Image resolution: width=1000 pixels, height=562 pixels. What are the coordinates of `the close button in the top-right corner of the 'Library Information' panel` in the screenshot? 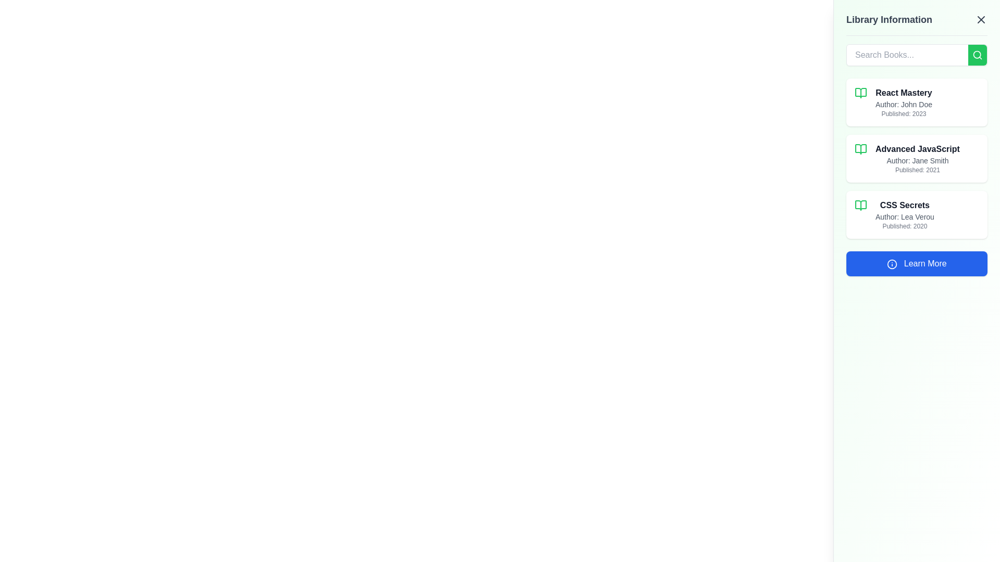 It's located at (980, 20).